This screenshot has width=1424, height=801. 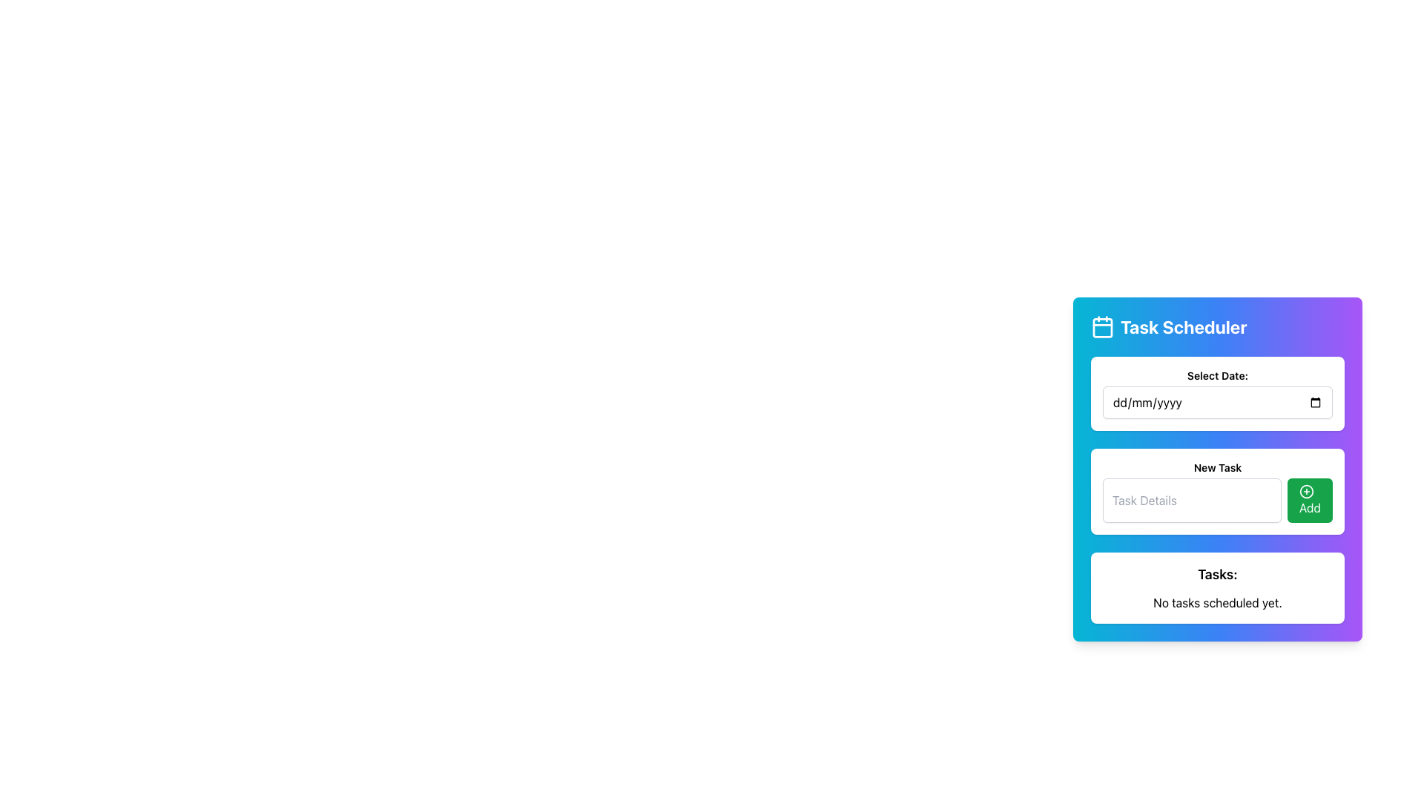 What do you see at coordinates (1217, 603) in the screenshot?
I see `the text label displaying 'No tasks scheduled yet.' located below the heading 'Tasks:' in a section with a white background` at bounding box center [1217, 603].